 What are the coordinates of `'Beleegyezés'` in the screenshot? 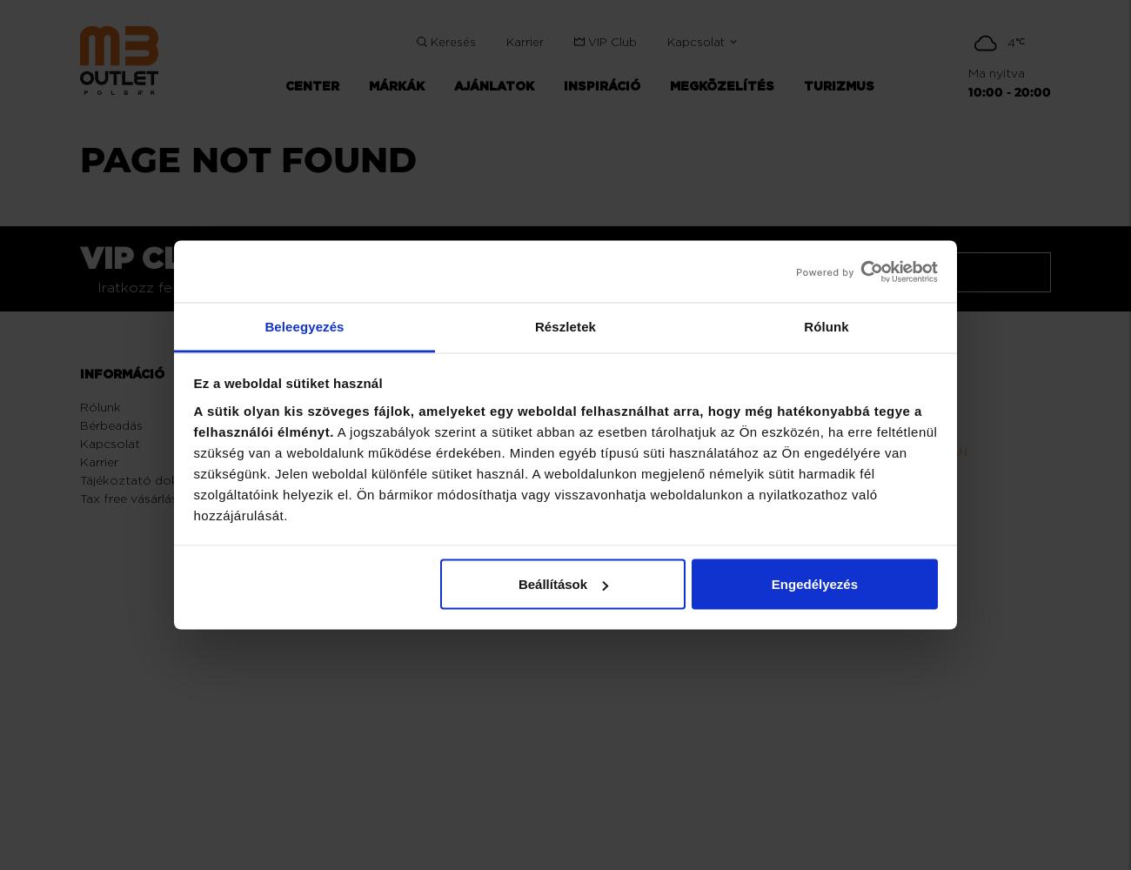 It's located at (303, 325).